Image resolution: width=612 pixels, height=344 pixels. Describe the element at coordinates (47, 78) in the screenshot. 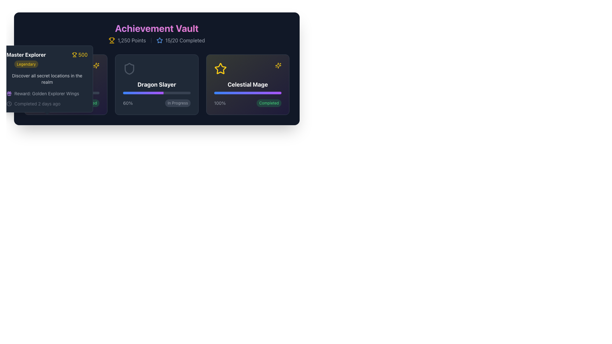

I see `the Informational Card styled with a dark background that contains the text 'Master Explorer' and 'Legendary', located at the top-left corner of the layout` at that location.